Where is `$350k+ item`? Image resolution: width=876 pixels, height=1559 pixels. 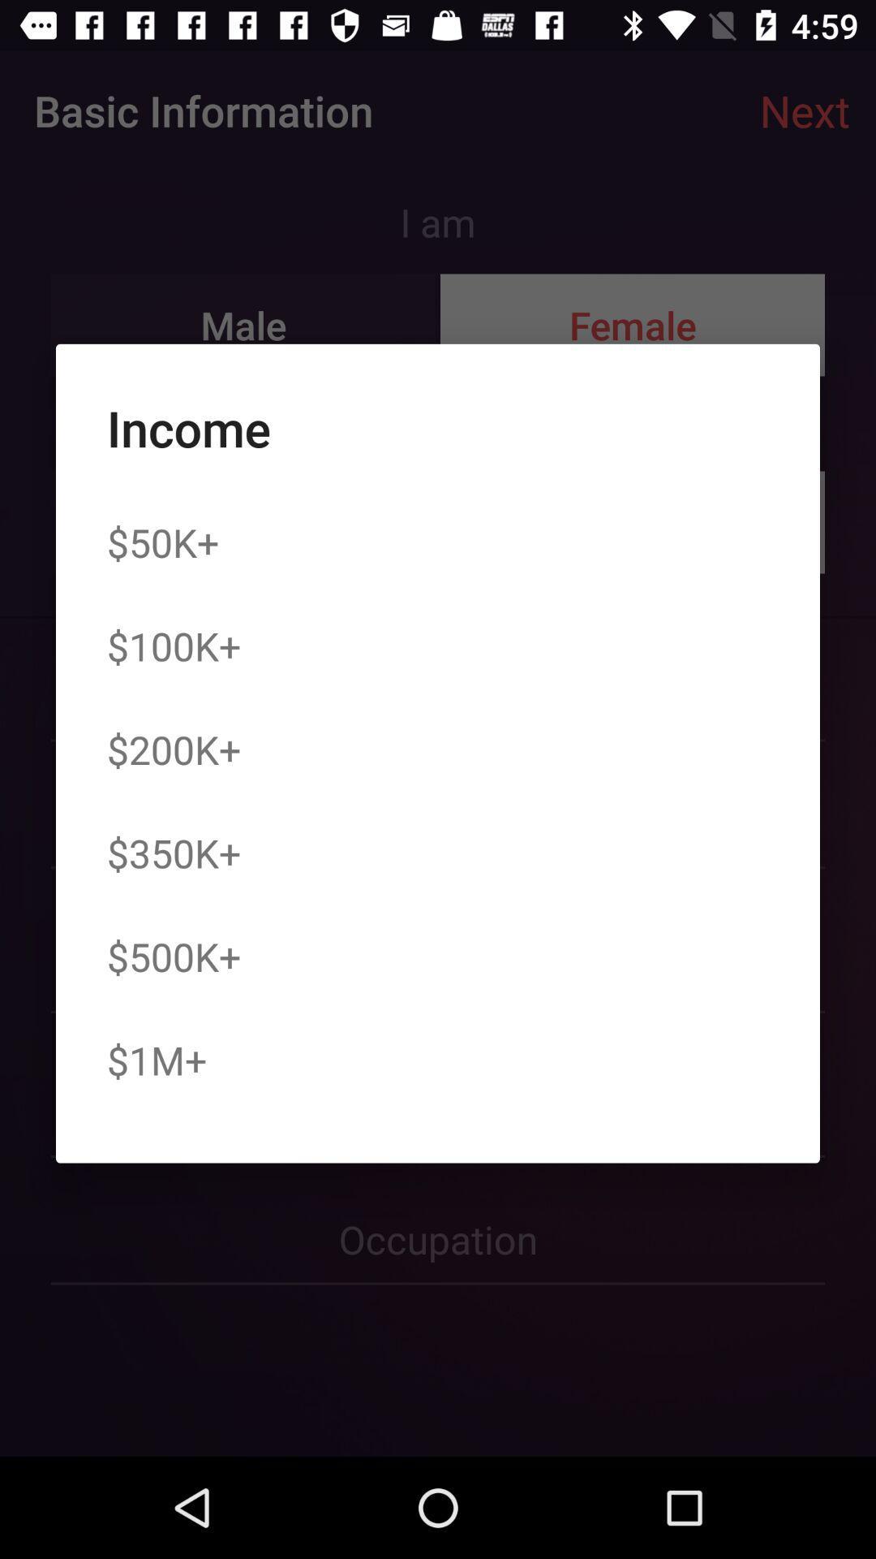
$350k+ item is located at coordinates (174, 852).